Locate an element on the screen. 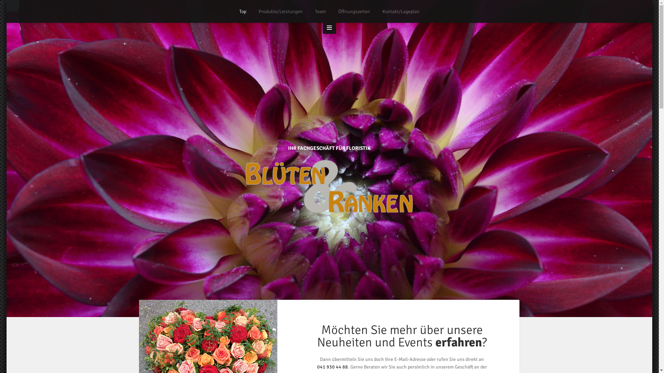 This screenshot has height=373, width=664. 'Top' is located at coordinates (242, 11).